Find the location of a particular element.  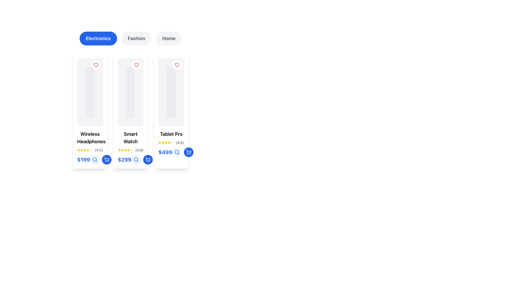

the 'Electronics' button in the horizontal navigation bar at the top of the interface to trigger a visual response is located at coordinates (98, 38).